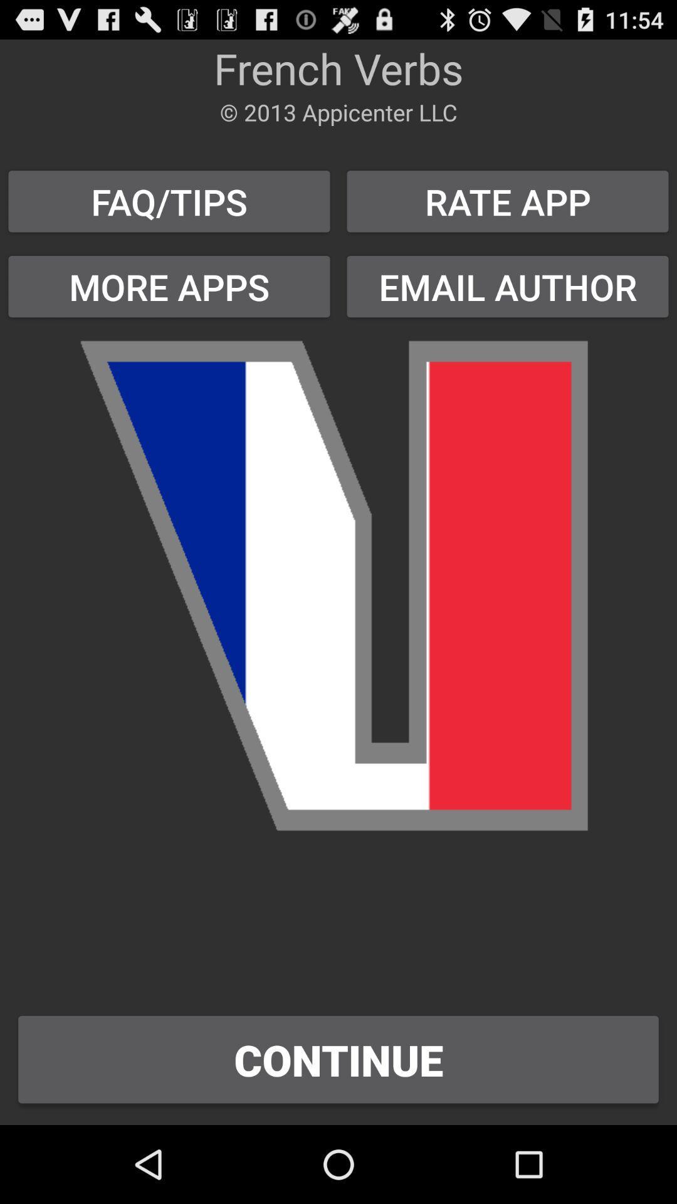  Describe the element at coordinates (508, 286) in the screenshot. I see `email author button` at that location.